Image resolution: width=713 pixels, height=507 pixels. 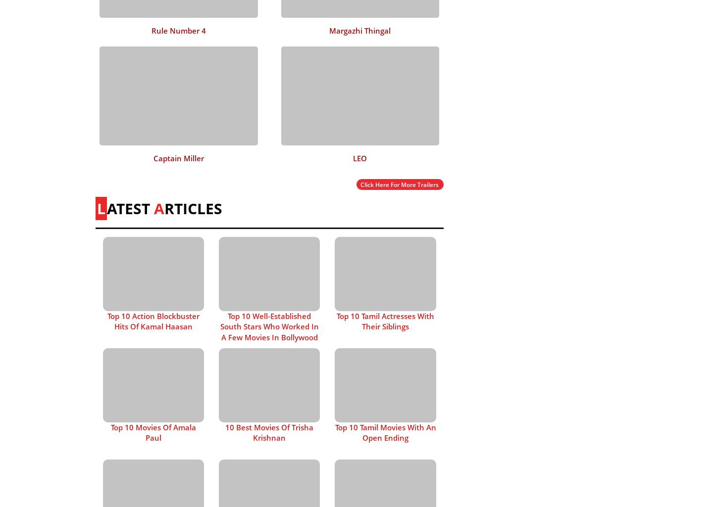 What do you see at coordinates (159, 207) in the screenshot?
I see `'A'` at bounding box center [159, 207].